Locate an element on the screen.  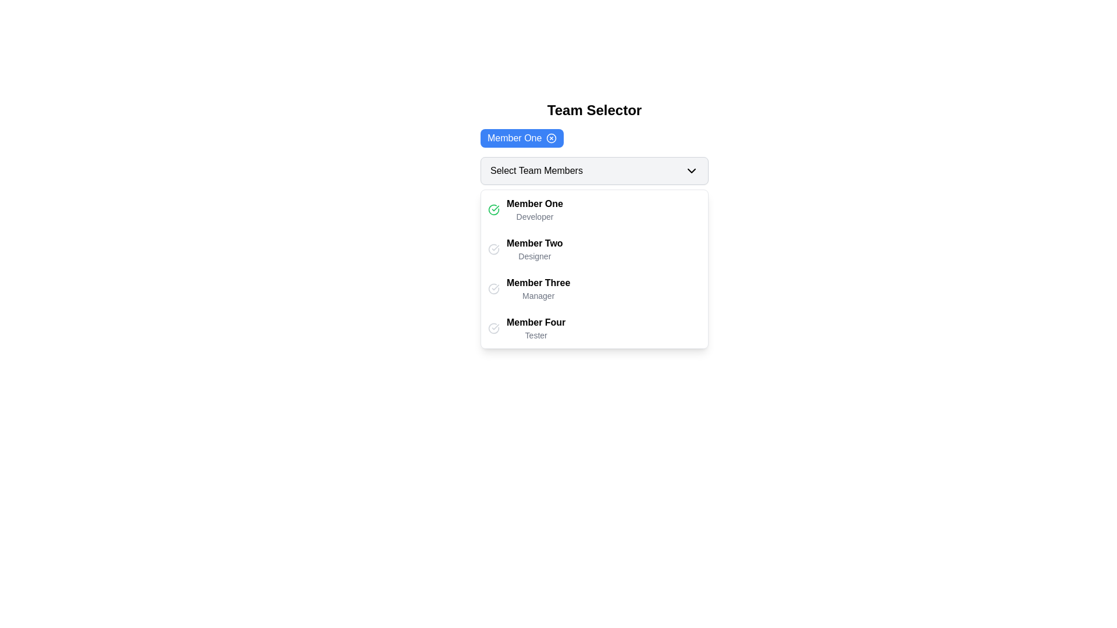
the 'Member One' text label in bold font style within the dropdown menu is located at coordinates (534, 203).